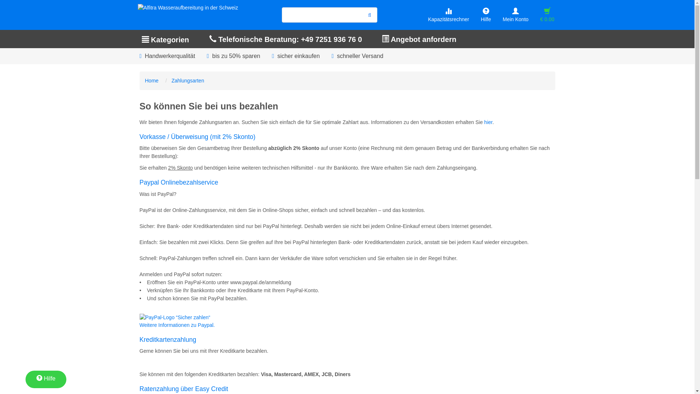 The height and width of the screenshot is (394, 700). What do you see at coordinates (515, 15) in the screenshot?
I see `'Mein Konto'` at bounding box center [515, 15].